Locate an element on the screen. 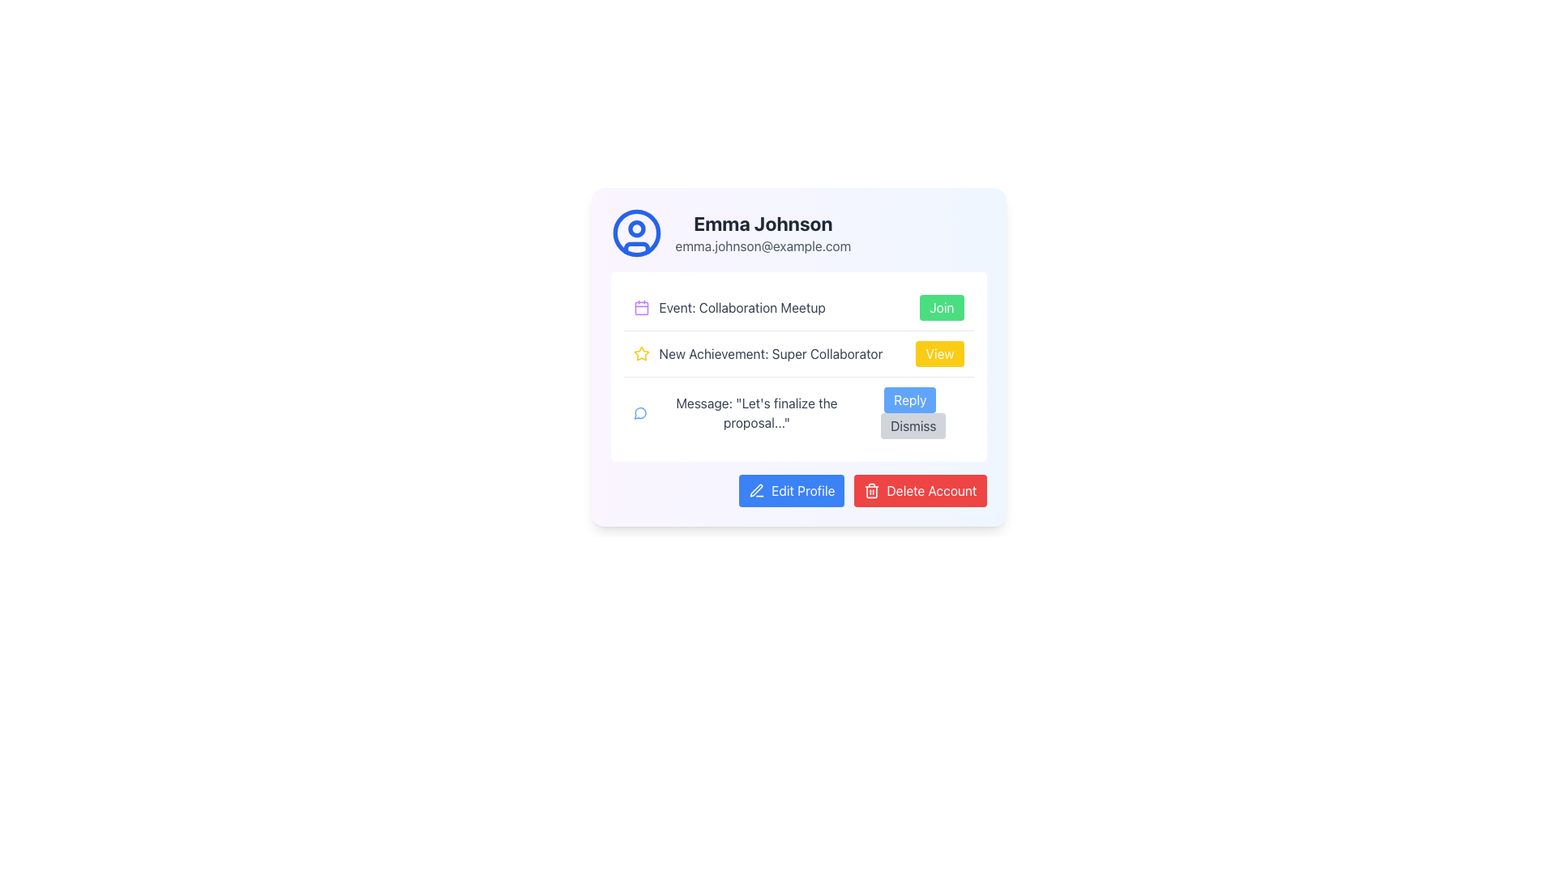 Image resolution: width=1556 pixels, height=875 pixels. the red 'Delete Account' button located in the lower right of the interface is located at coordinates (919, 489).